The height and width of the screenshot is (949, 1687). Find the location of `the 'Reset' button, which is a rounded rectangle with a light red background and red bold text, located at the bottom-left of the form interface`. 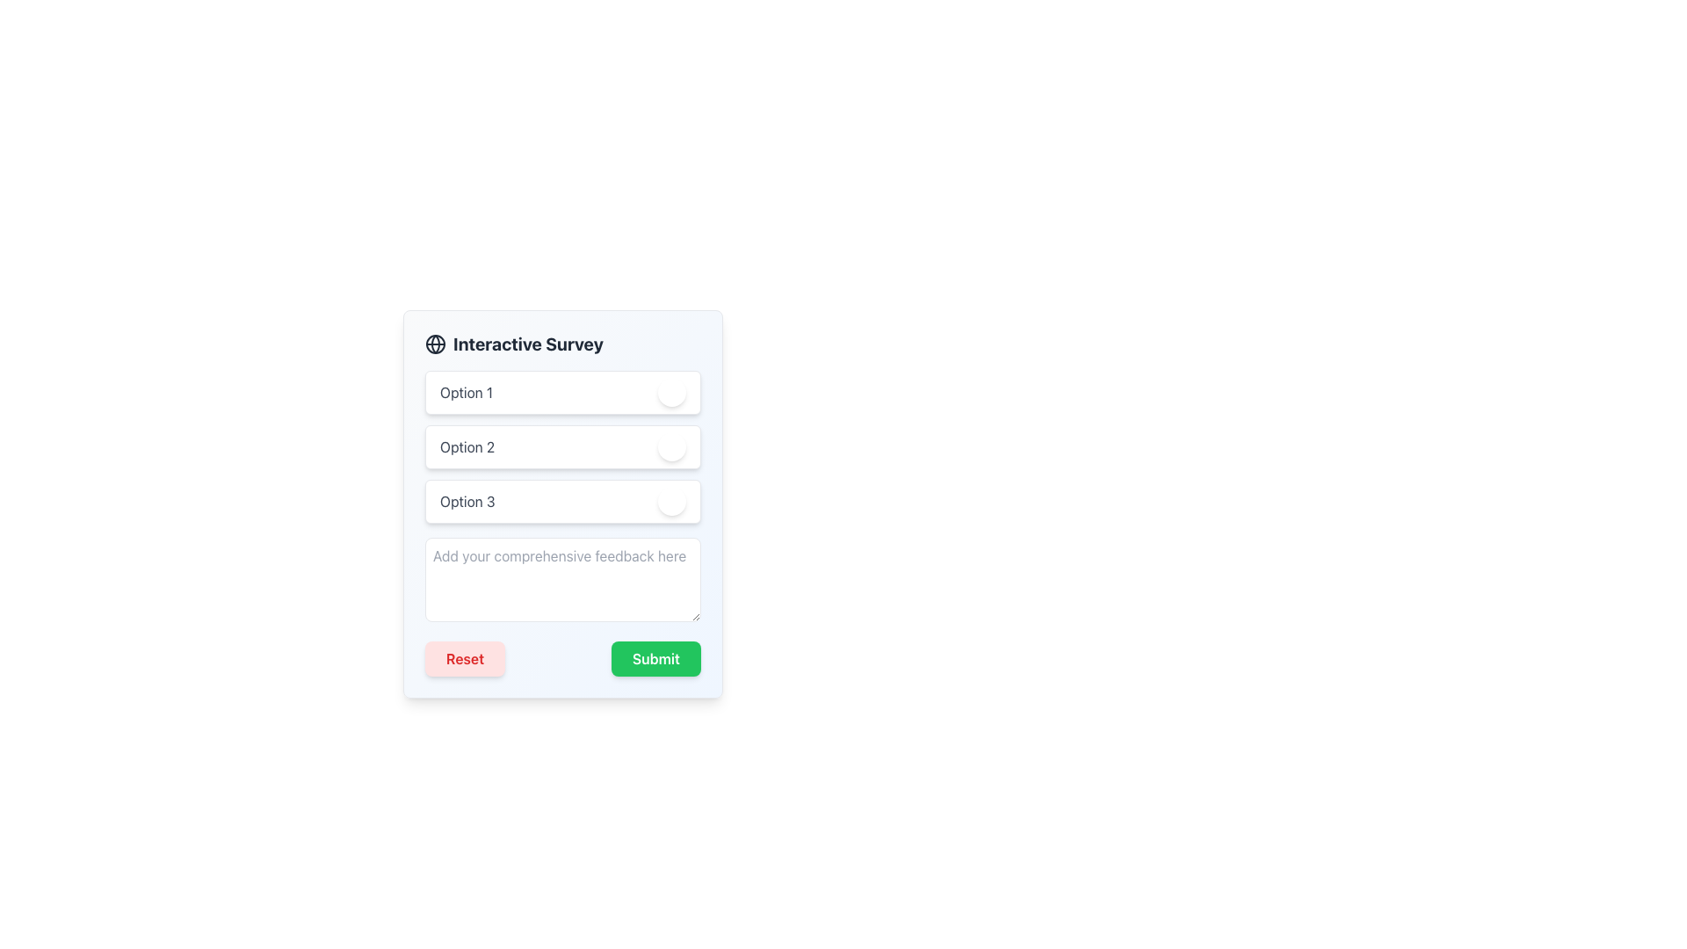

the 'Reset' button, which is a rounded rectangle with a light red background and red bold text, located at the bottom-left of the form interface is located at coordinates (465, 658).